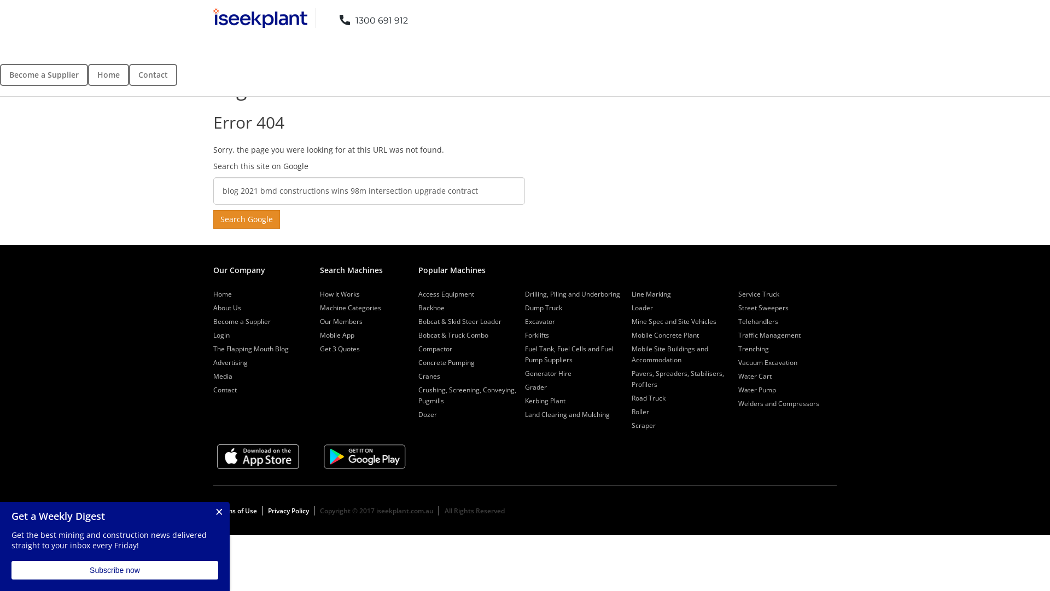 The height and width of the screenshot is (591, 1050). Describe the element at coordinates (430, 308) in the screenshot. I see `'Backhoe'` at that location.